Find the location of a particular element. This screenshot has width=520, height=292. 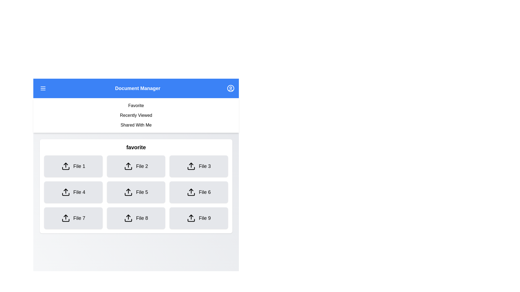

the tab option Shared With Me by clicking on it is located at coordinates (136, 125).